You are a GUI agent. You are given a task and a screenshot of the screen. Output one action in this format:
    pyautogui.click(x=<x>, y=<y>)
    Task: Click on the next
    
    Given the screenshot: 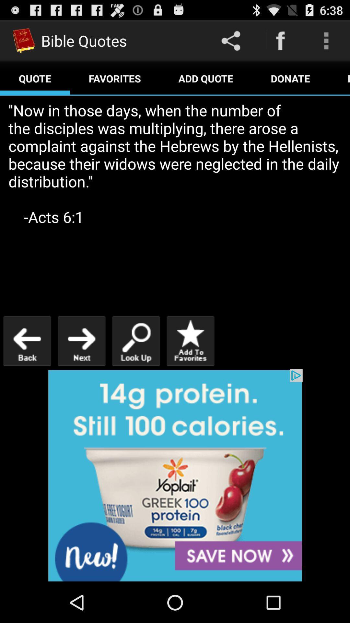 What is the action you would take?
    pyautogui.click(x=81, y=341)
    